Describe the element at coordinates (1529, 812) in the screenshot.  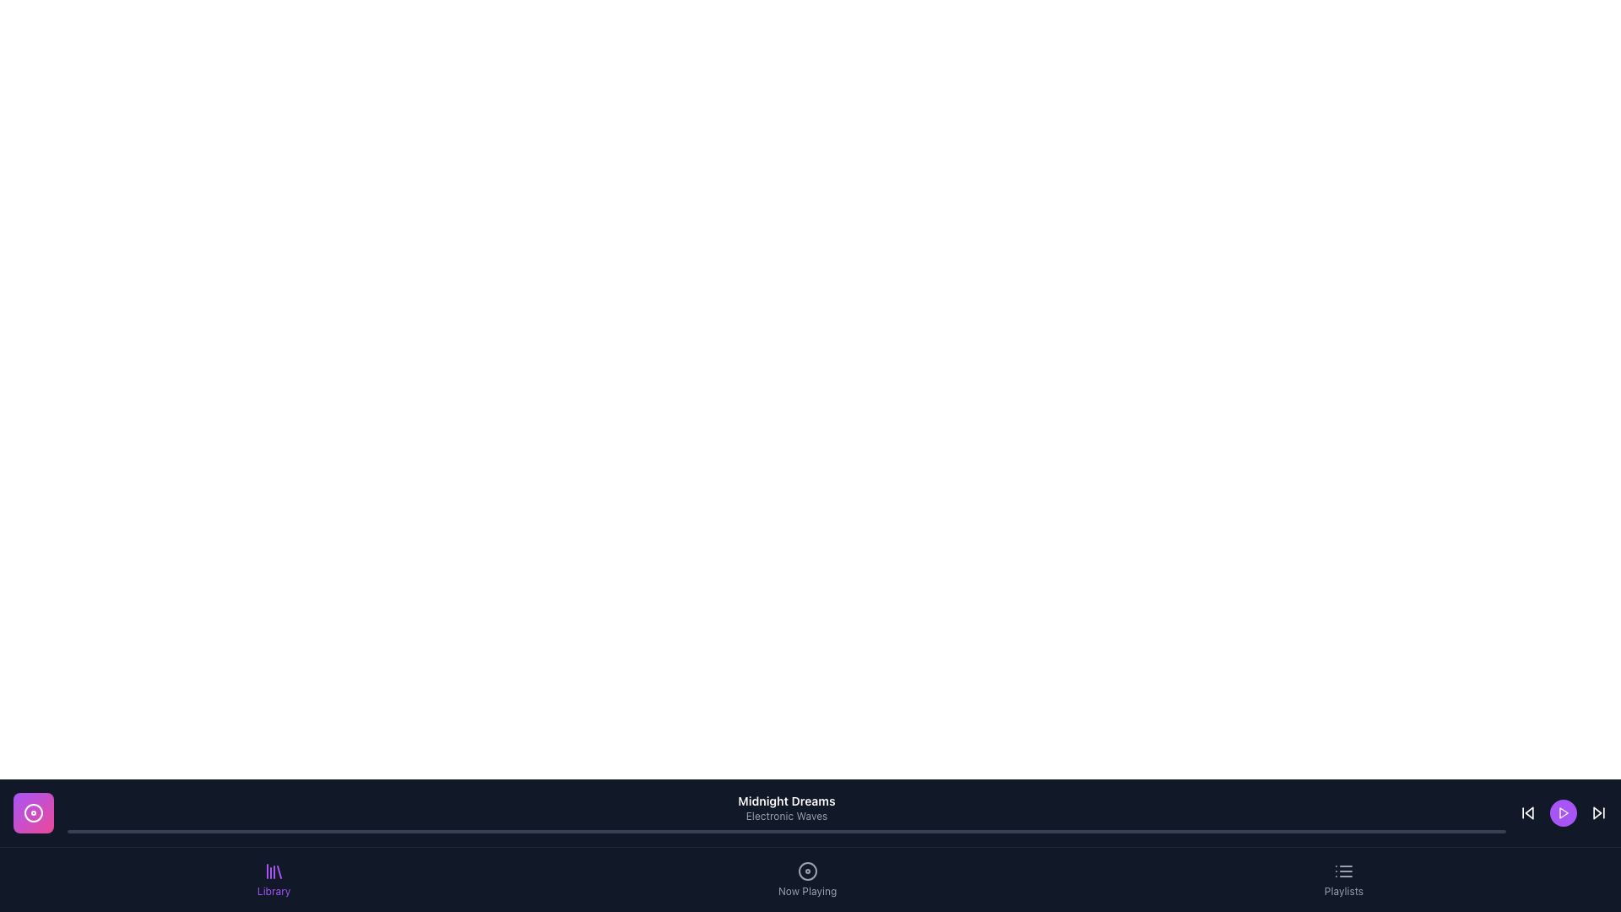
I see `the skip-back button icon located in the bottom-right section of the media playback controls` at that location.